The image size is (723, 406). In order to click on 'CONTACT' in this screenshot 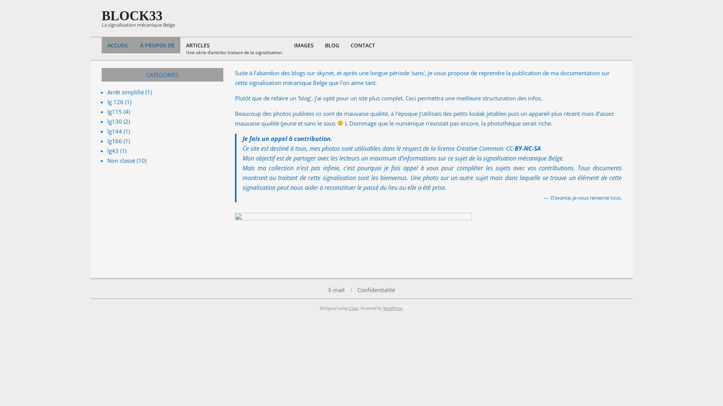, I will do `click(363, 45)`.